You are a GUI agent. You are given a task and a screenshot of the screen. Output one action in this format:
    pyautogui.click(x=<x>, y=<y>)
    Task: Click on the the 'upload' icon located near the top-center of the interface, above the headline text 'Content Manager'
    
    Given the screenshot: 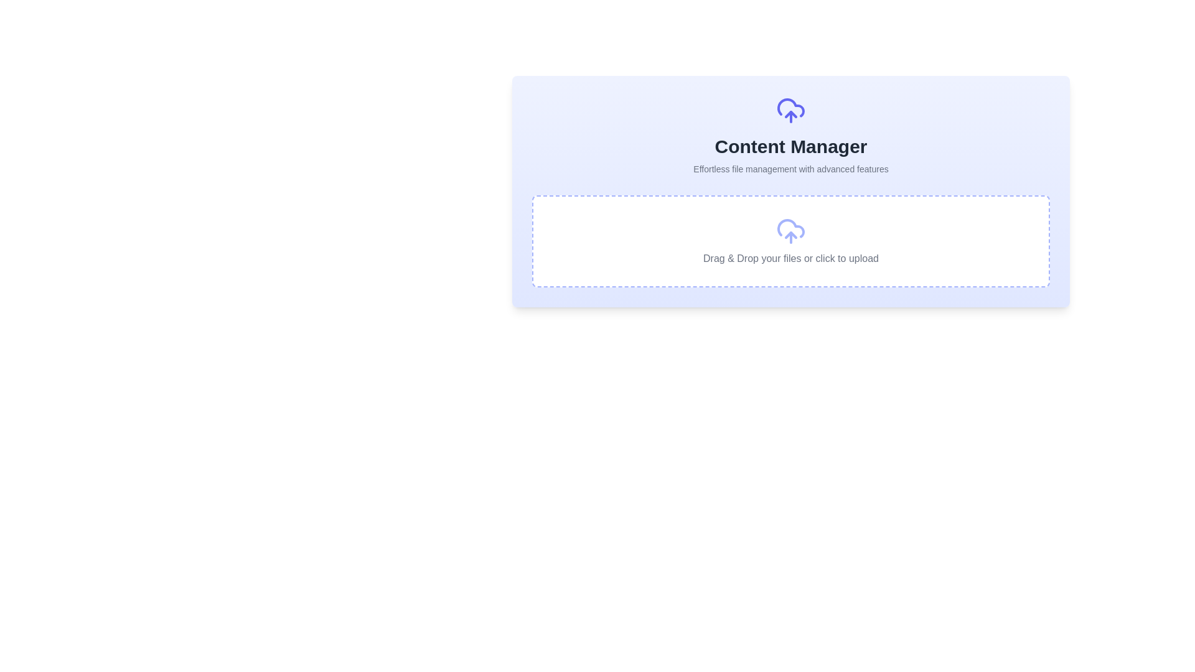 What is the action you would take?
    pyautogui.click(x=790, y=110)
    